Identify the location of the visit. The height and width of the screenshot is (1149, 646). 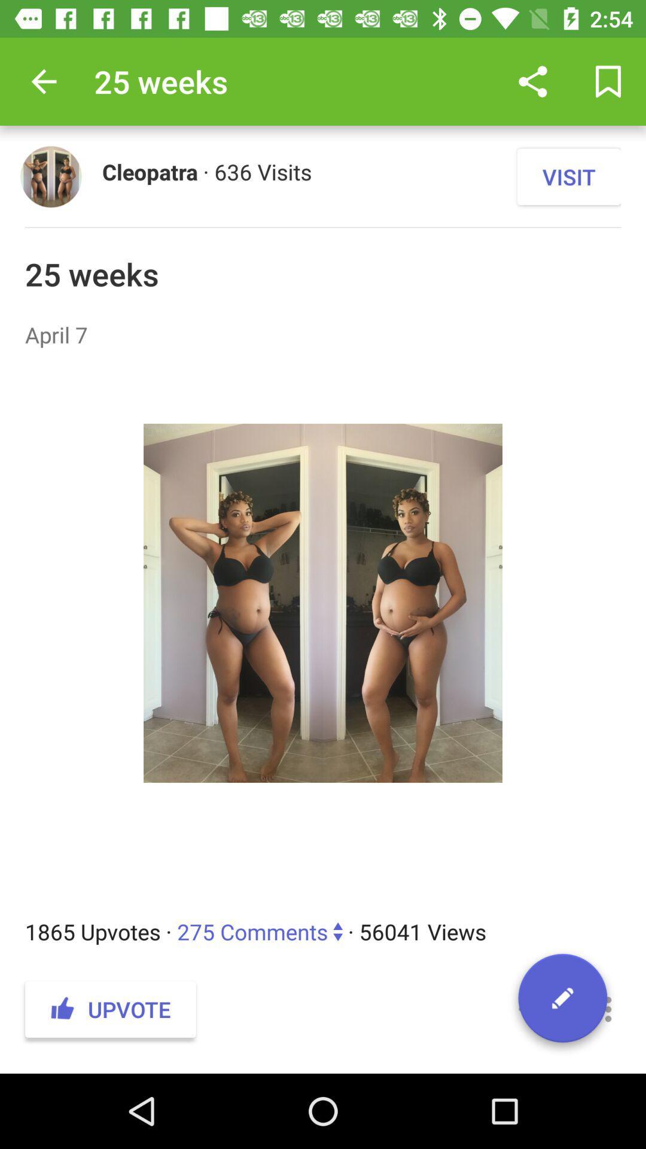
(568, 176).